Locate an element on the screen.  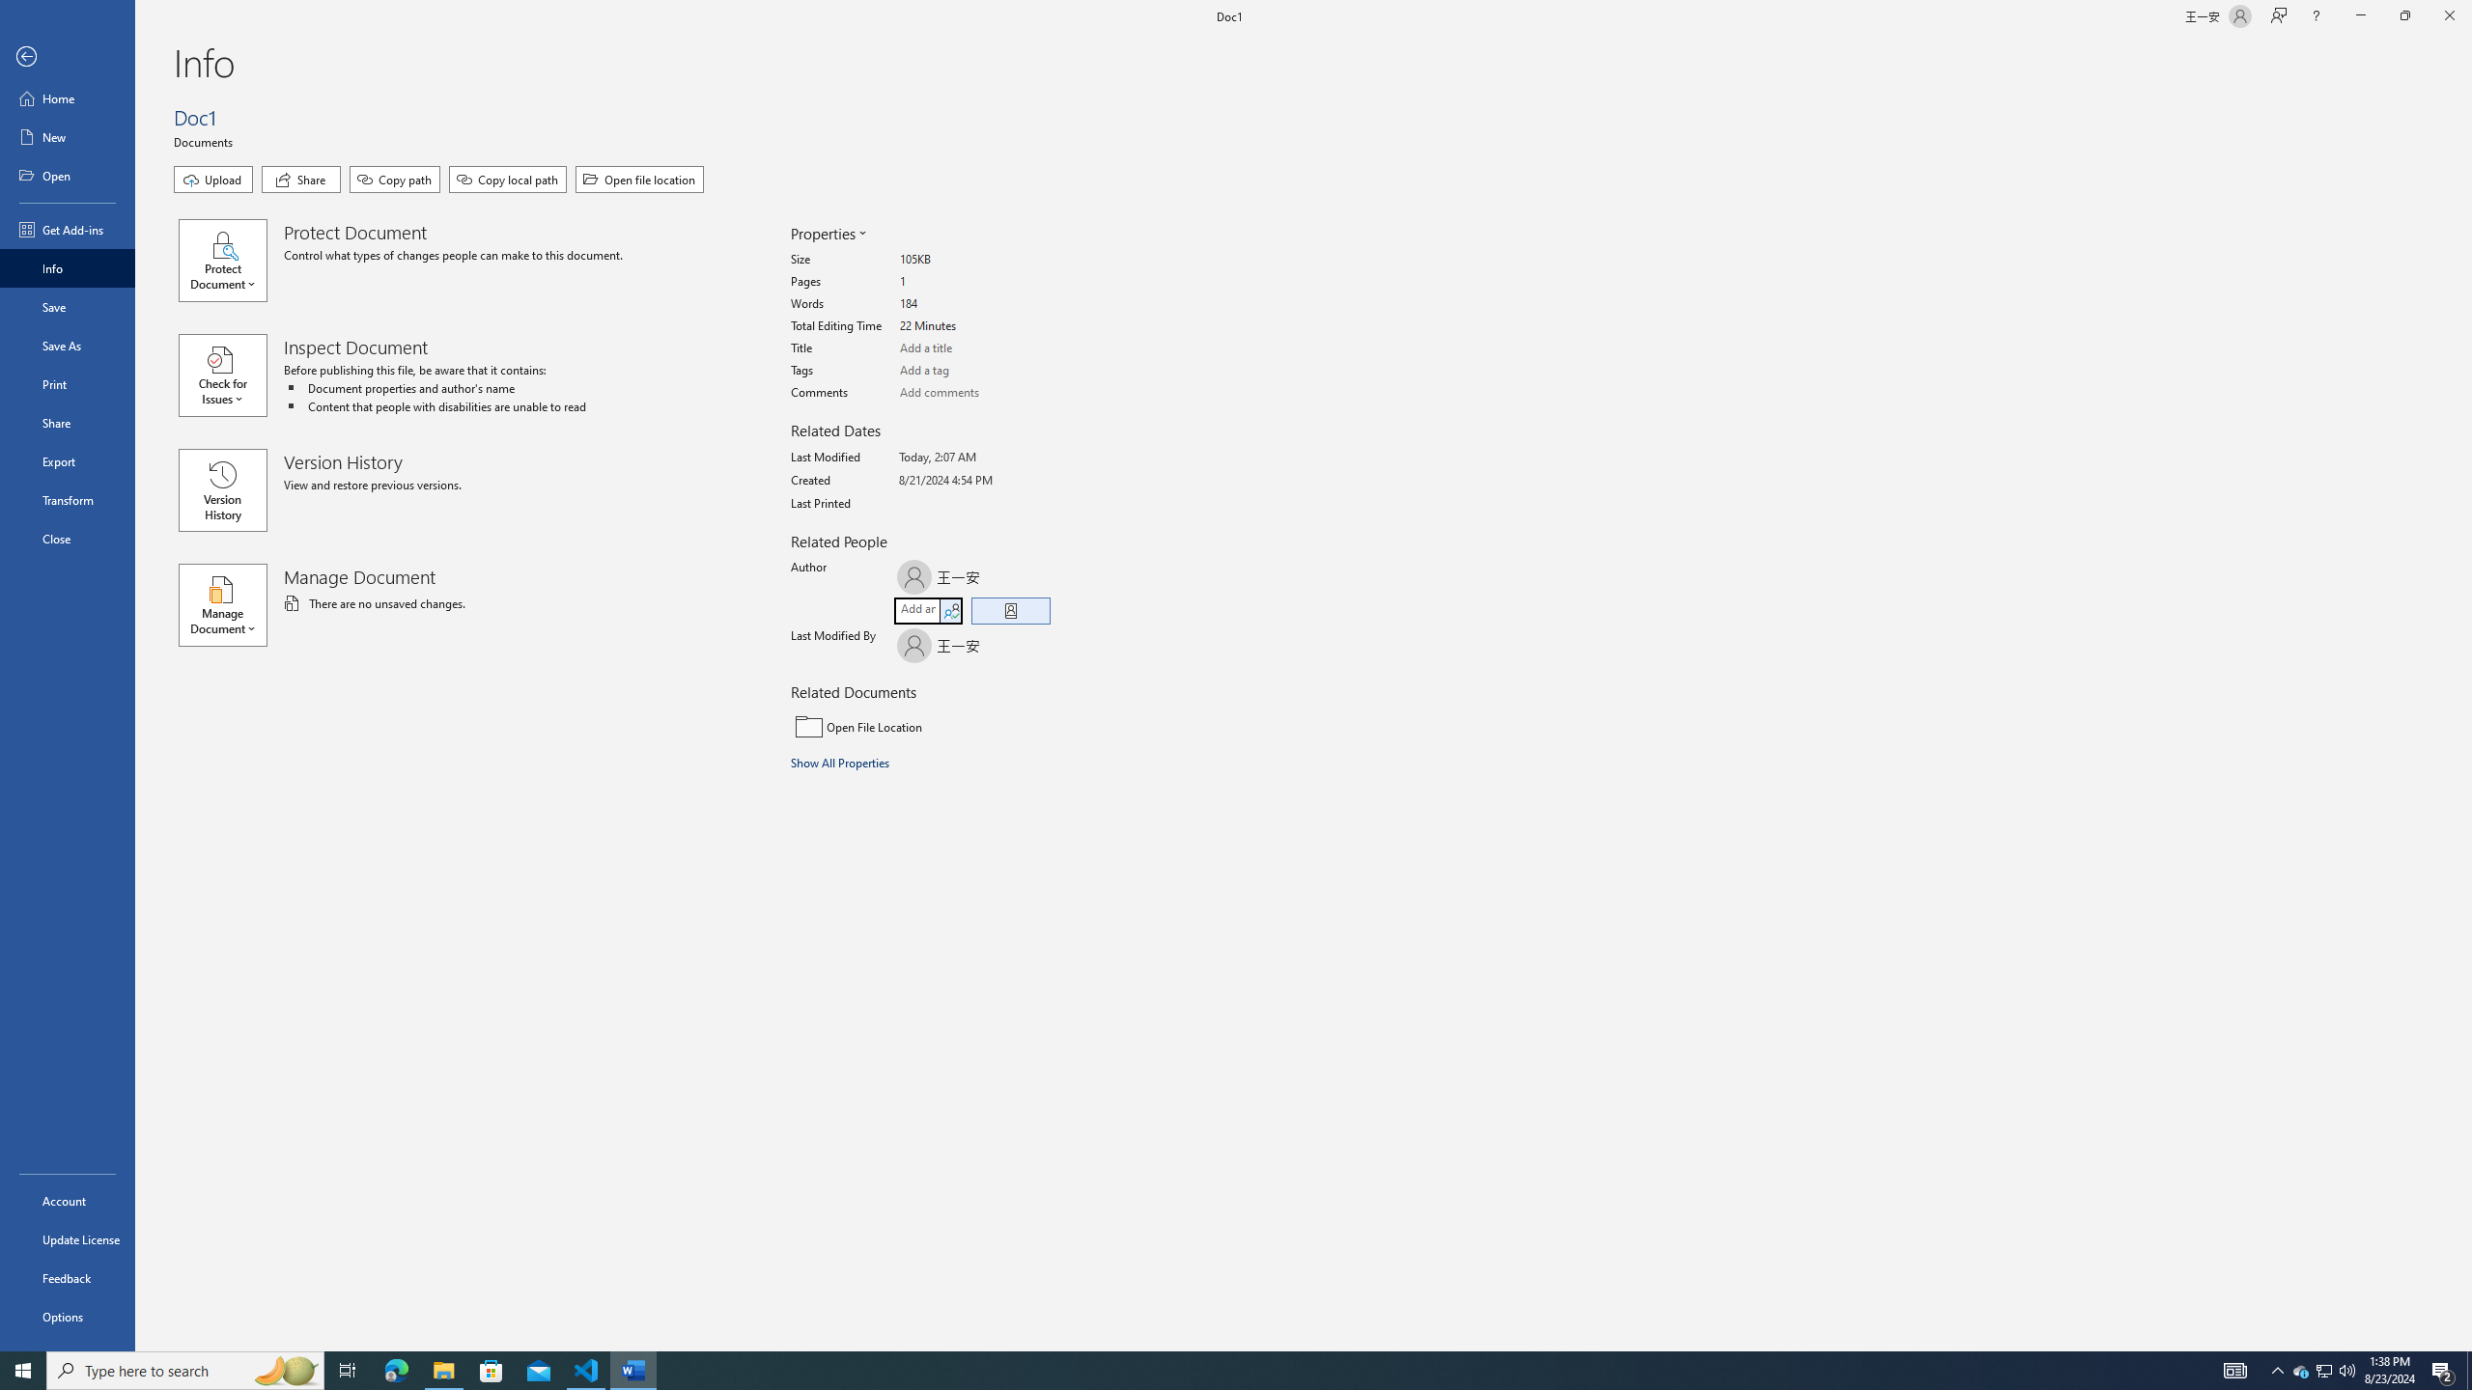
'Pages' is located at coordinates (971, 282).